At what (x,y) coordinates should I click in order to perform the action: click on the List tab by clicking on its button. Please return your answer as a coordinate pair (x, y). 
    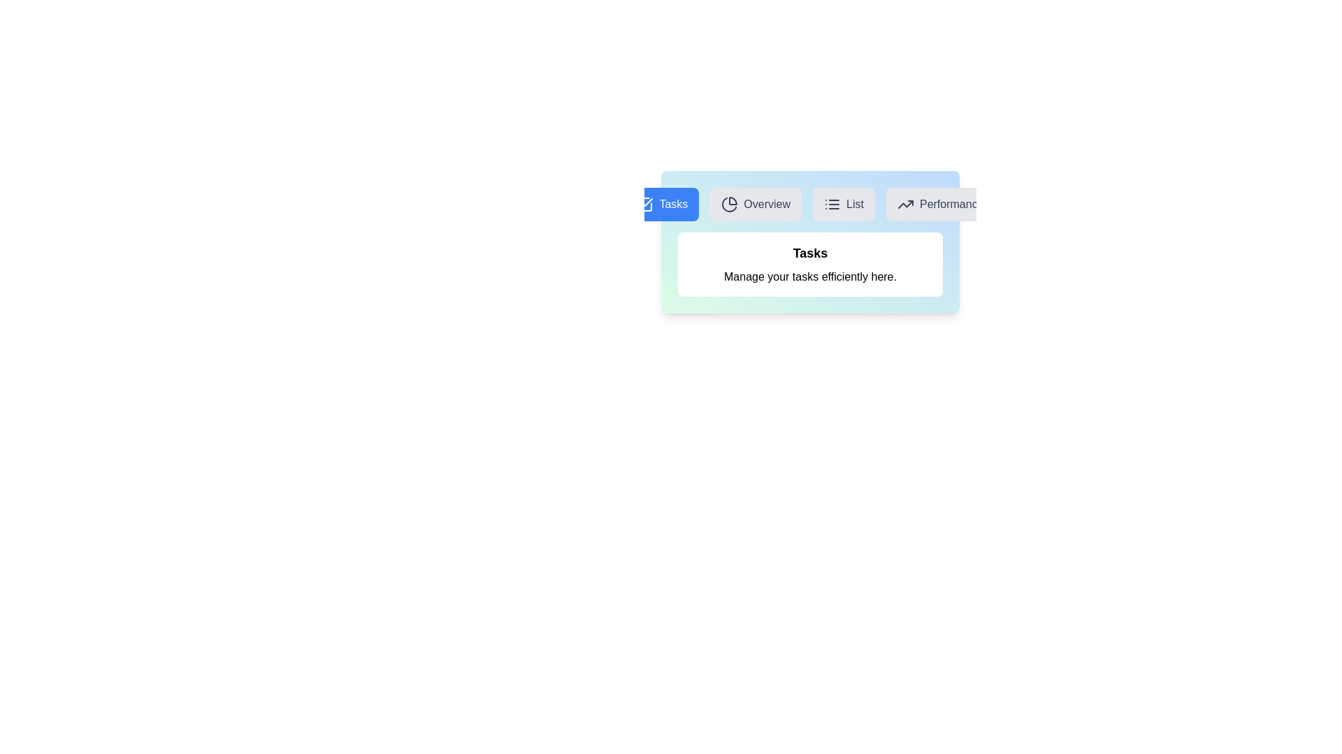
    Looking at the image, I should click on (843, 205).